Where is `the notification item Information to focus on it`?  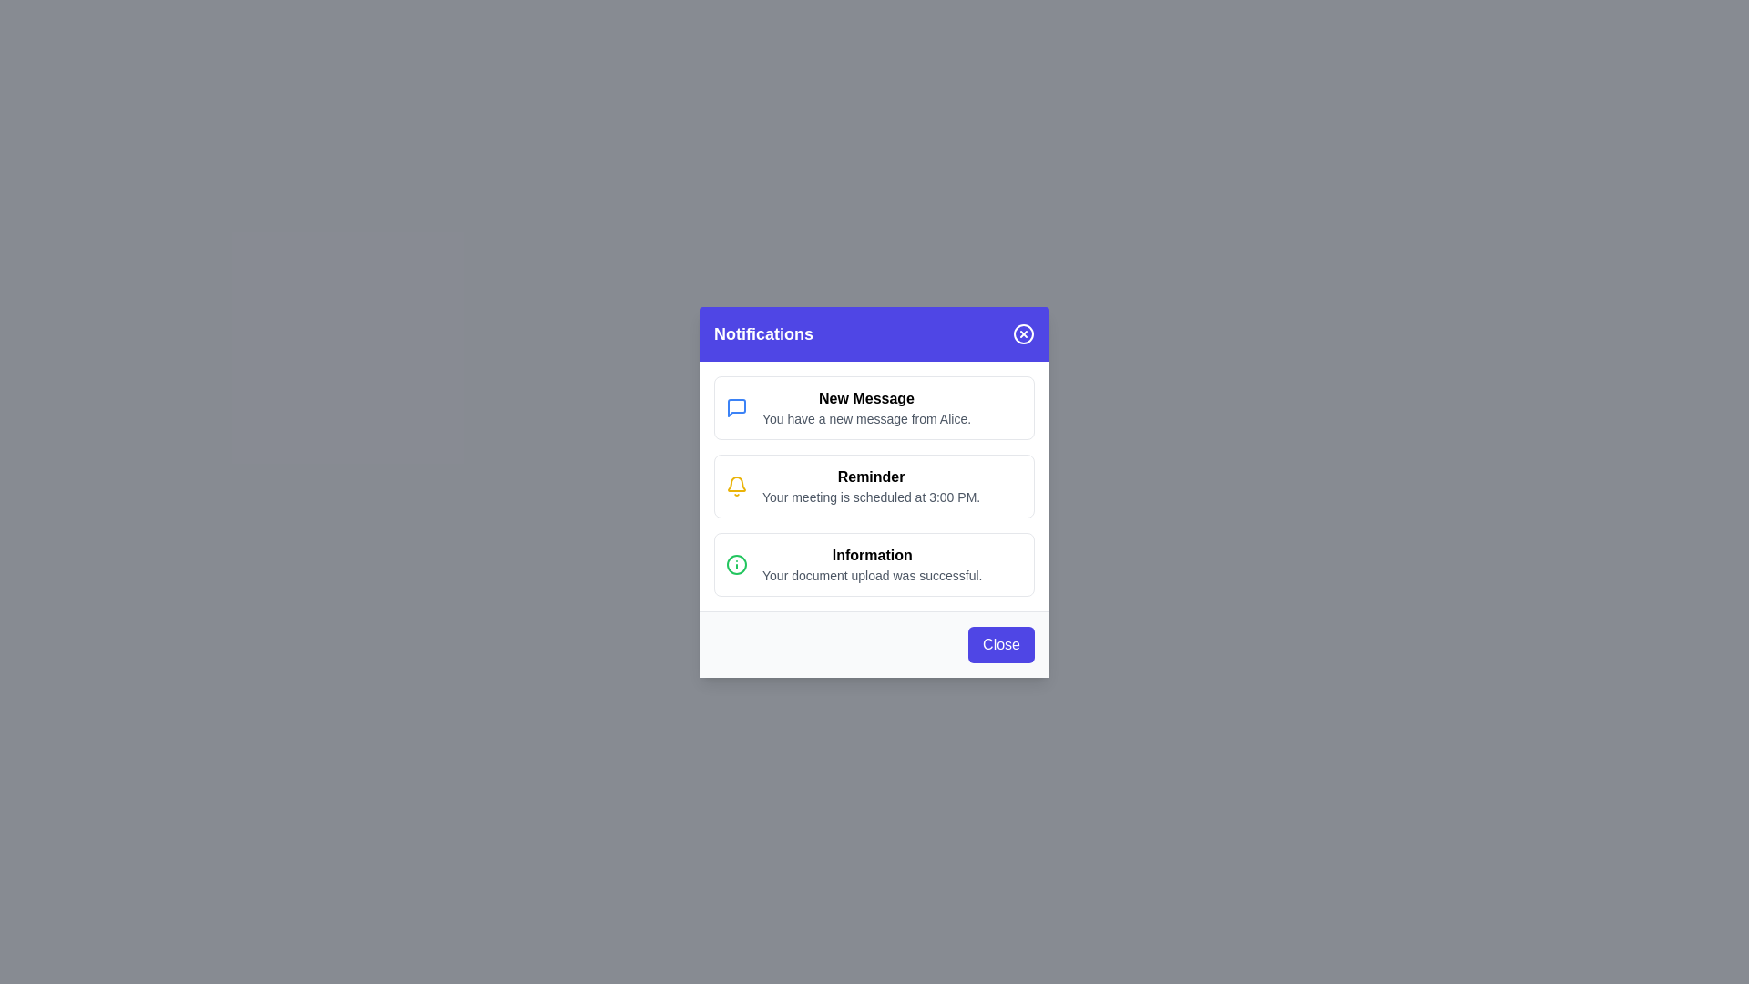 the notification item Information to focus on it is located at coordinates (874, 563).